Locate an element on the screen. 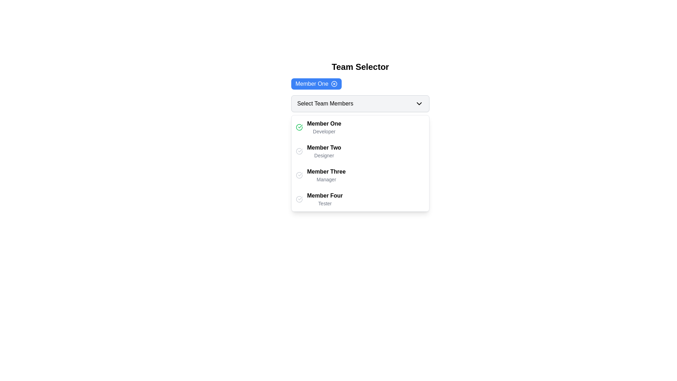 This screenshot has height=381, width=677. text of the 'Member Two' entry in the dropdown menu under the 'Select Team Members' section, which is displayed in bold font style is located at coordinates (324, 147).